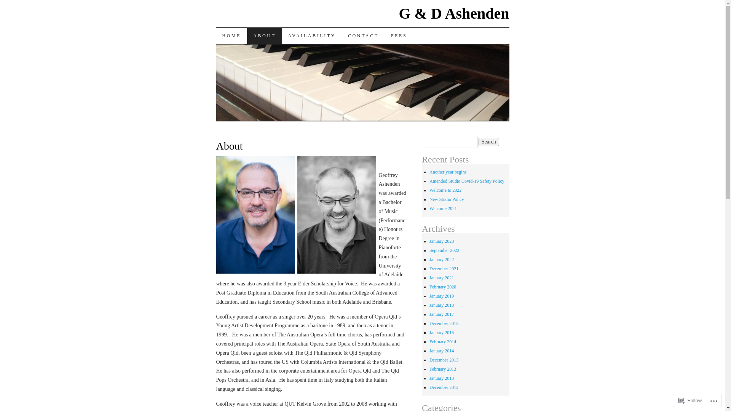 This screenshot has height=411, width=731. What do you see at coordinates (442, 368) in the screenshot?
I see `'February 2013'` at bounding box center [442, 368].